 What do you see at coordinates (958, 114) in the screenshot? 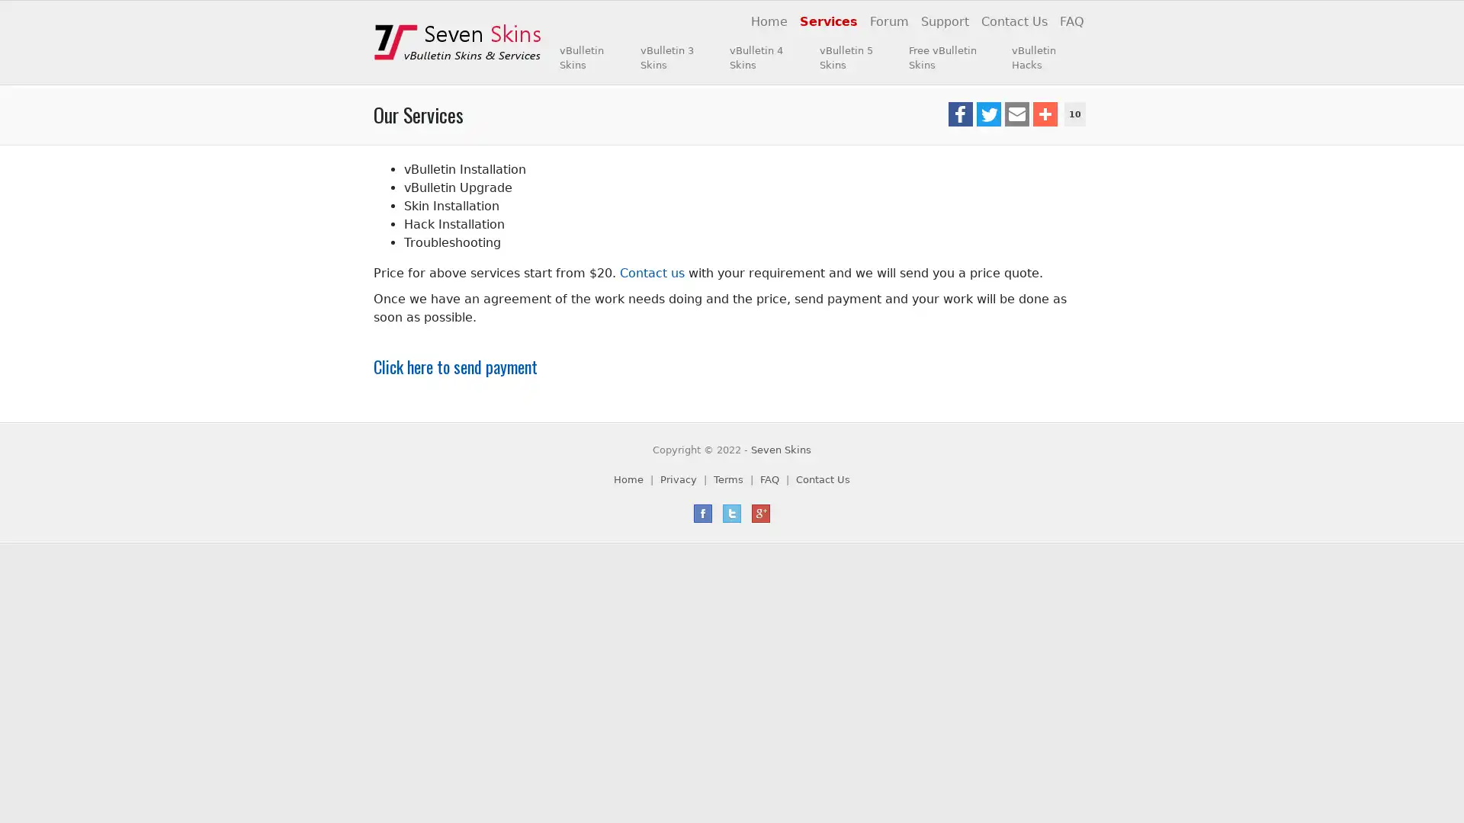
I see `Share to Facebook` at bounding box center [958, 114].